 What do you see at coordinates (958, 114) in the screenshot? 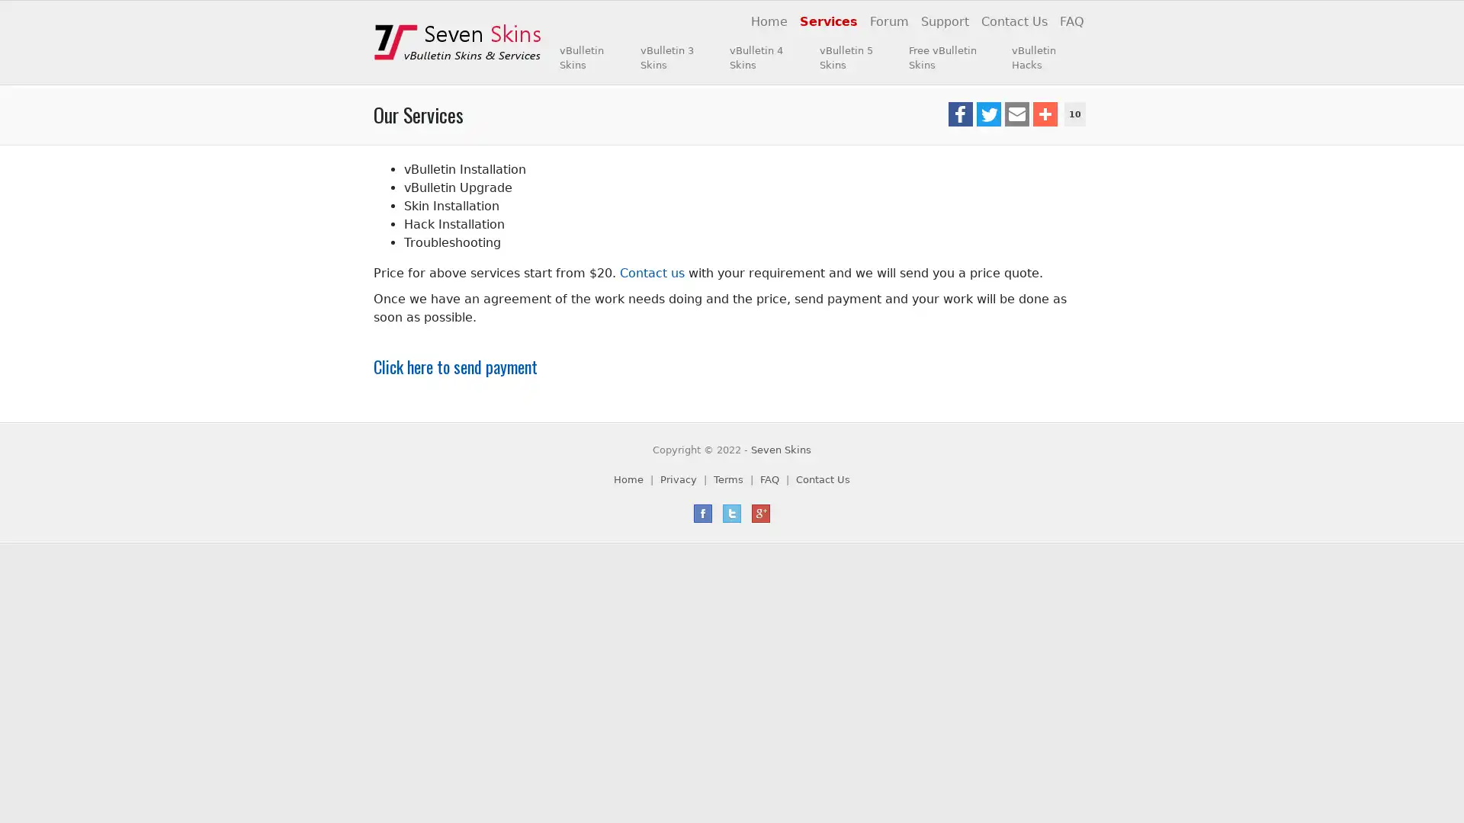
I see `Share to Facebook` at bounding box center [958, 114].